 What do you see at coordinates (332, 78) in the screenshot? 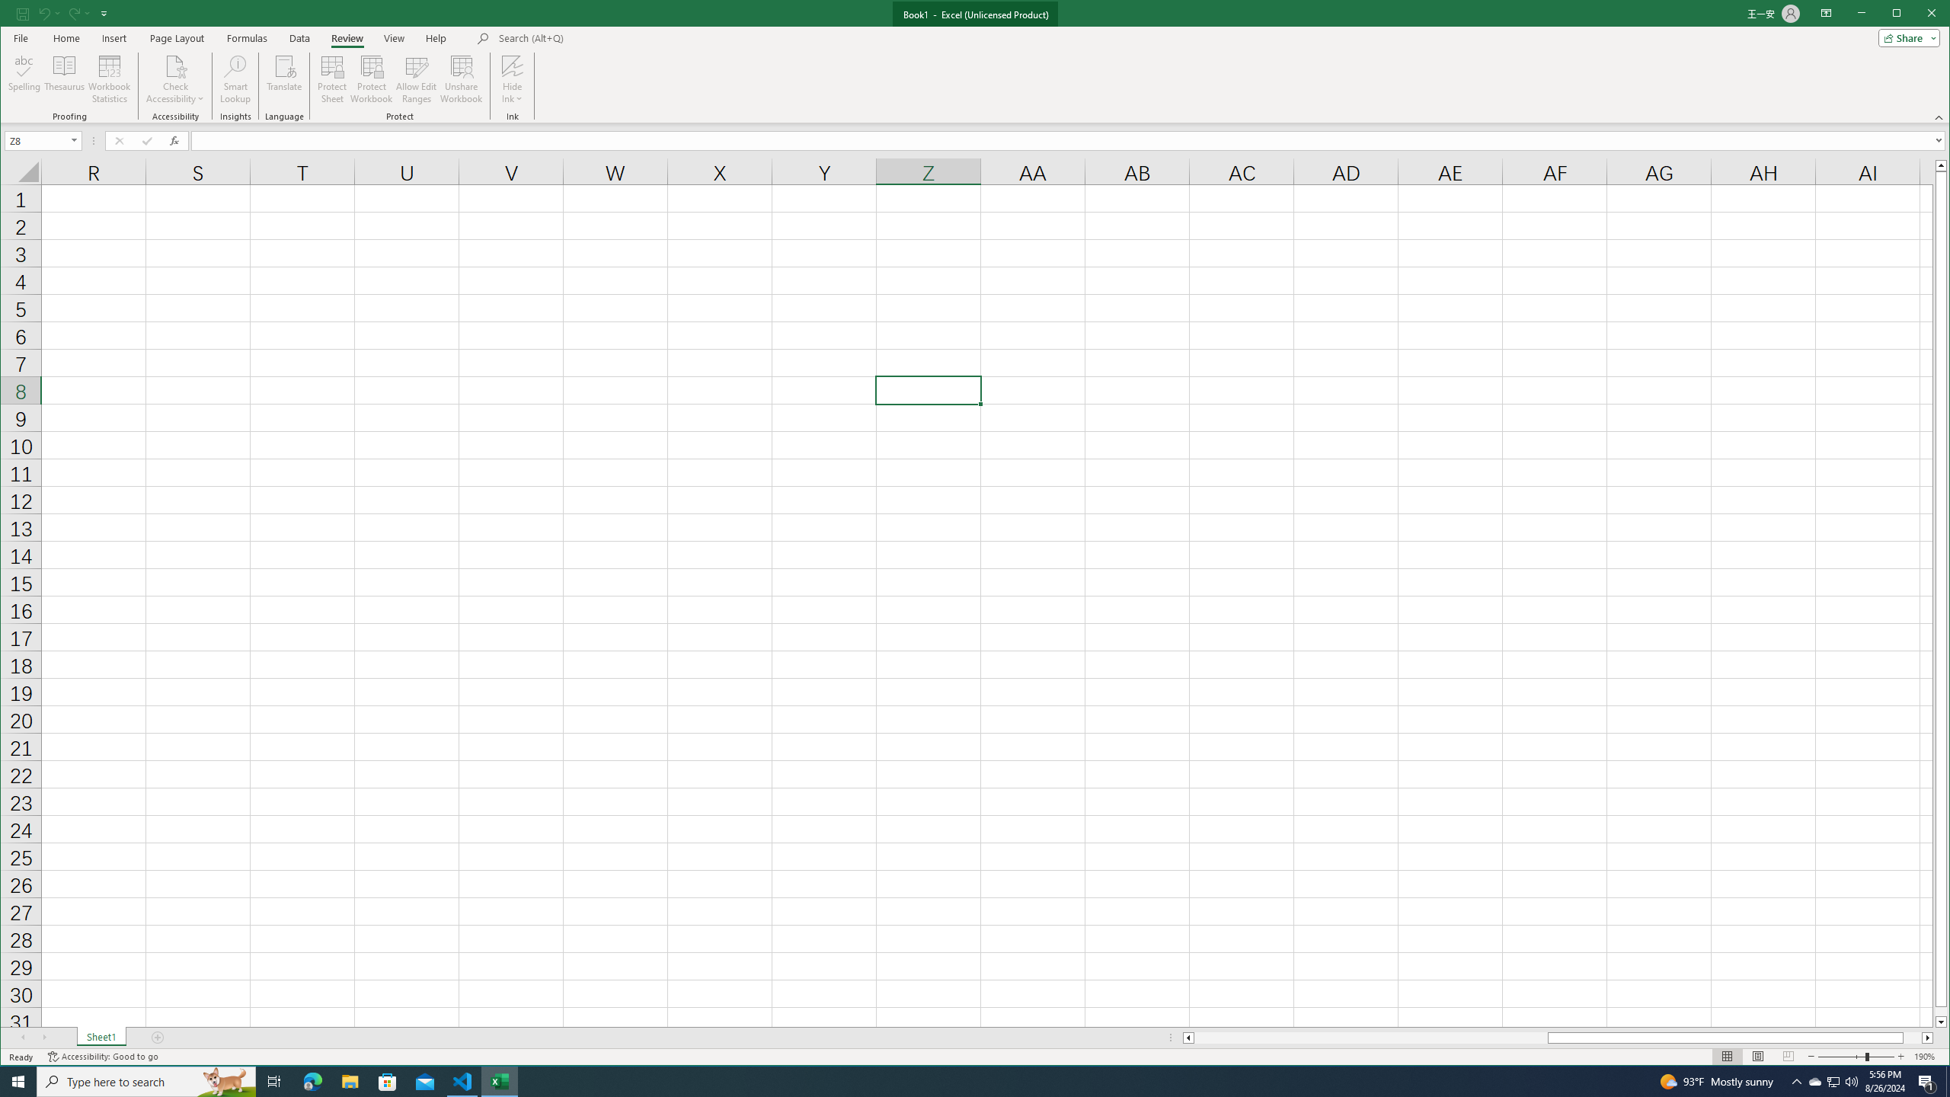
I see `'Protect Sheet...'` at bounding box center [332, 78].